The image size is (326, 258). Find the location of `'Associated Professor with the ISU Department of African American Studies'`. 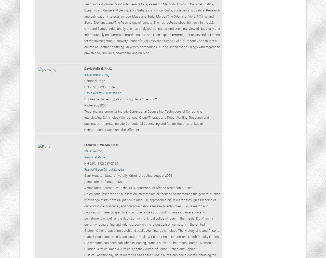

'Associated Professor with the ISU Department of African American Studies' is located at coordinates (138, 188).